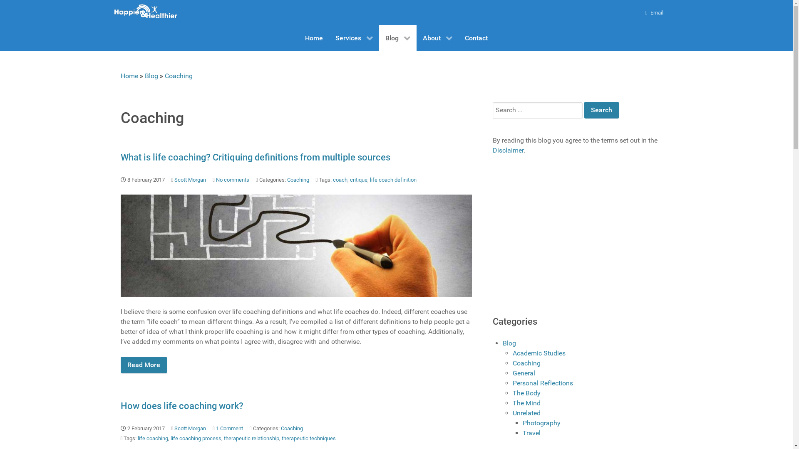  I want to click on 'Contact', so click(476, 38).